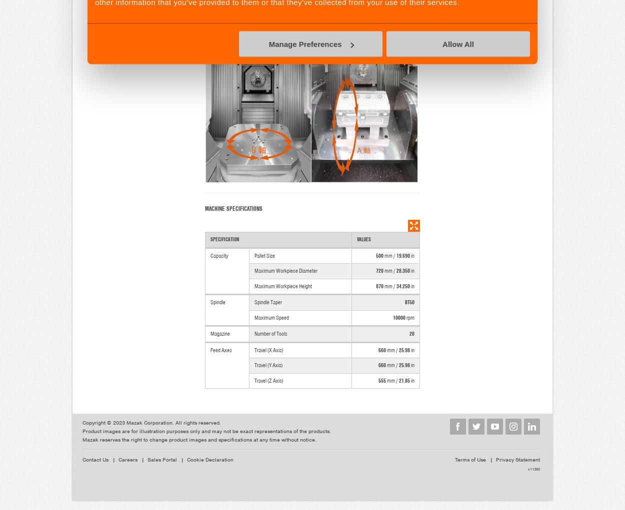 The image size is (625, 510). What do you see at coordinates (396, 255) in the screenshot?
I see `'19.690'` at bounding box center [396, 255].